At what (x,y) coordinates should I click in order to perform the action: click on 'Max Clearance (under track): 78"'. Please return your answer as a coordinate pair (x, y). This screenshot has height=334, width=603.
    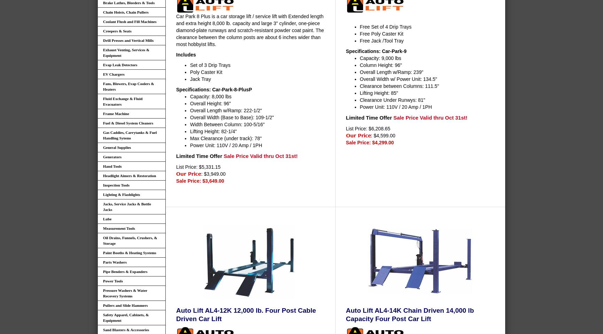
    Looking at the image, I should click on (226, 138).